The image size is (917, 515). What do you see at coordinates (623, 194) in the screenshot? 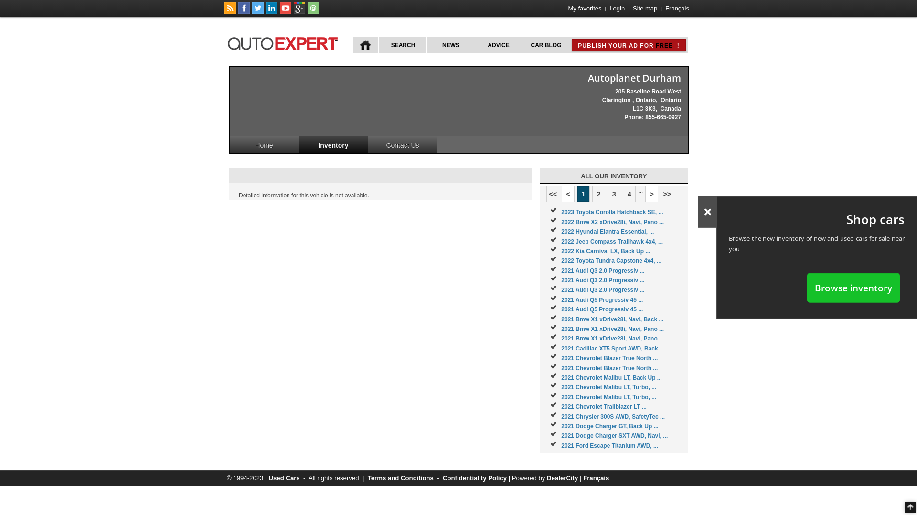
I see `'4'` at bounding box center [623, 194].